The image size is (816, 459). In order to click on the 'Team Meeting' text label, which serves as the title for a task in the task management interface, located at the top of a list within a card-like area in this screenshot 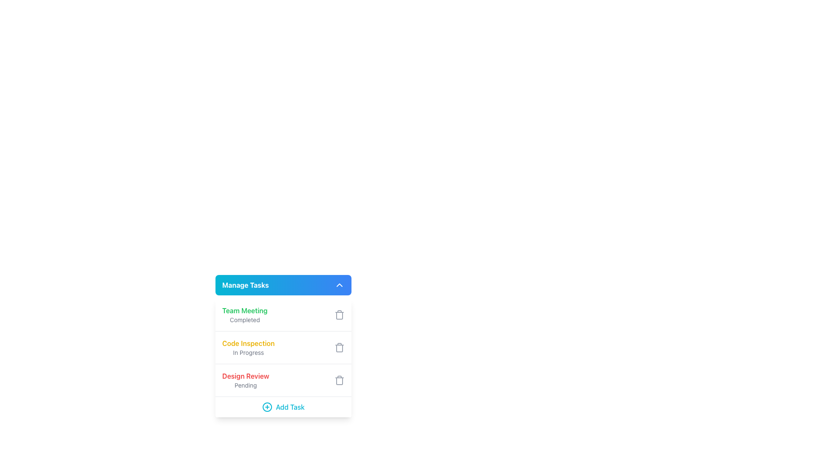, I will do `click(244, 311)`.